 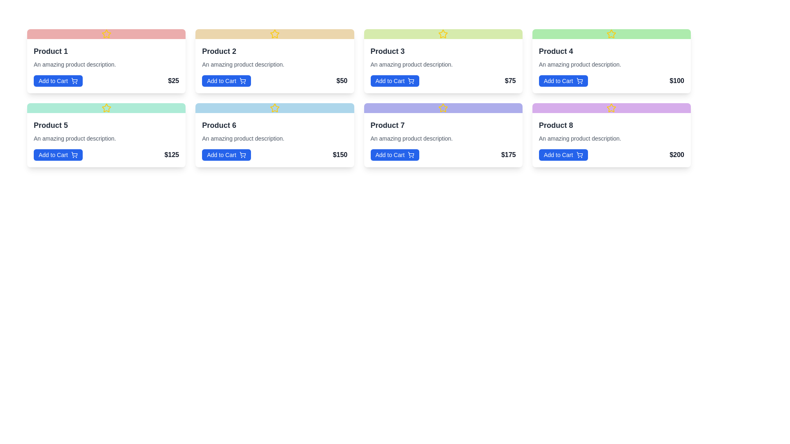 What do you see at coordinates (611, 139) in the screenshot?
I see `the Product card located at the bottom-right corner of the grid layout for additional effects` at bounding box center [611, 139].